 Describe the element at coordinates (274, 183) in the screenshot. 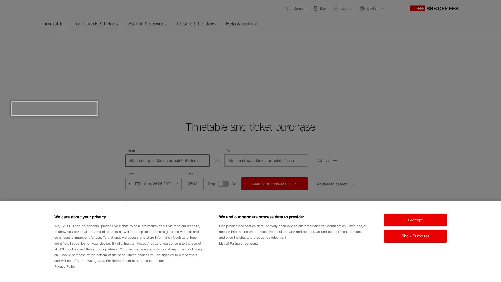

I see `search for connection` at that location.